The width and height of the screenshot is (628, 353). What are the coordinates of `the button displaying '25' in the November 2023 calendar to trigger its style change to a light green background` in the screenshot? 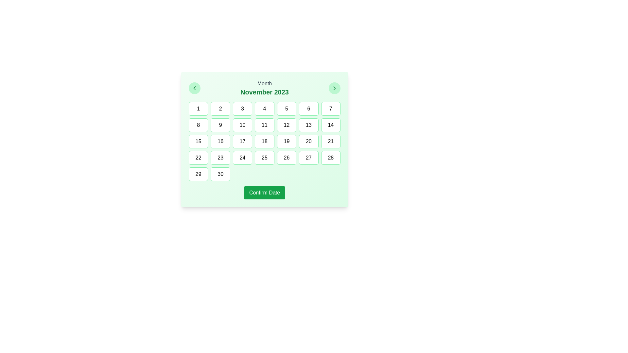 It's located at (264, 158).